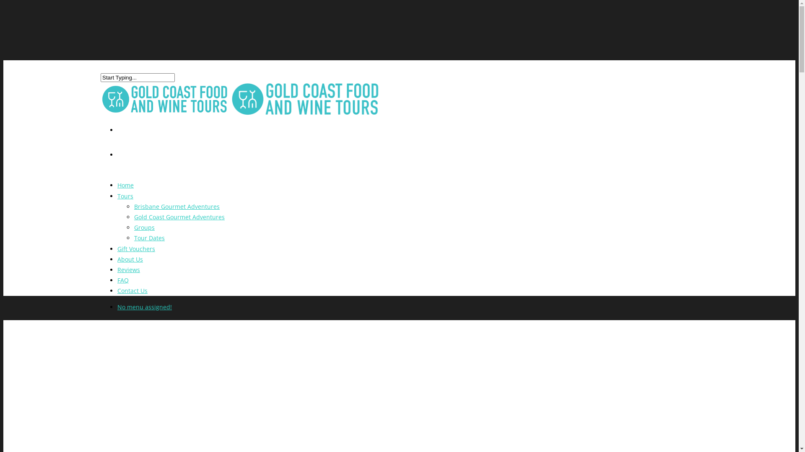 The image size is (805, 452). I want to click on 'Gift Vouchers', so click(117, 254).